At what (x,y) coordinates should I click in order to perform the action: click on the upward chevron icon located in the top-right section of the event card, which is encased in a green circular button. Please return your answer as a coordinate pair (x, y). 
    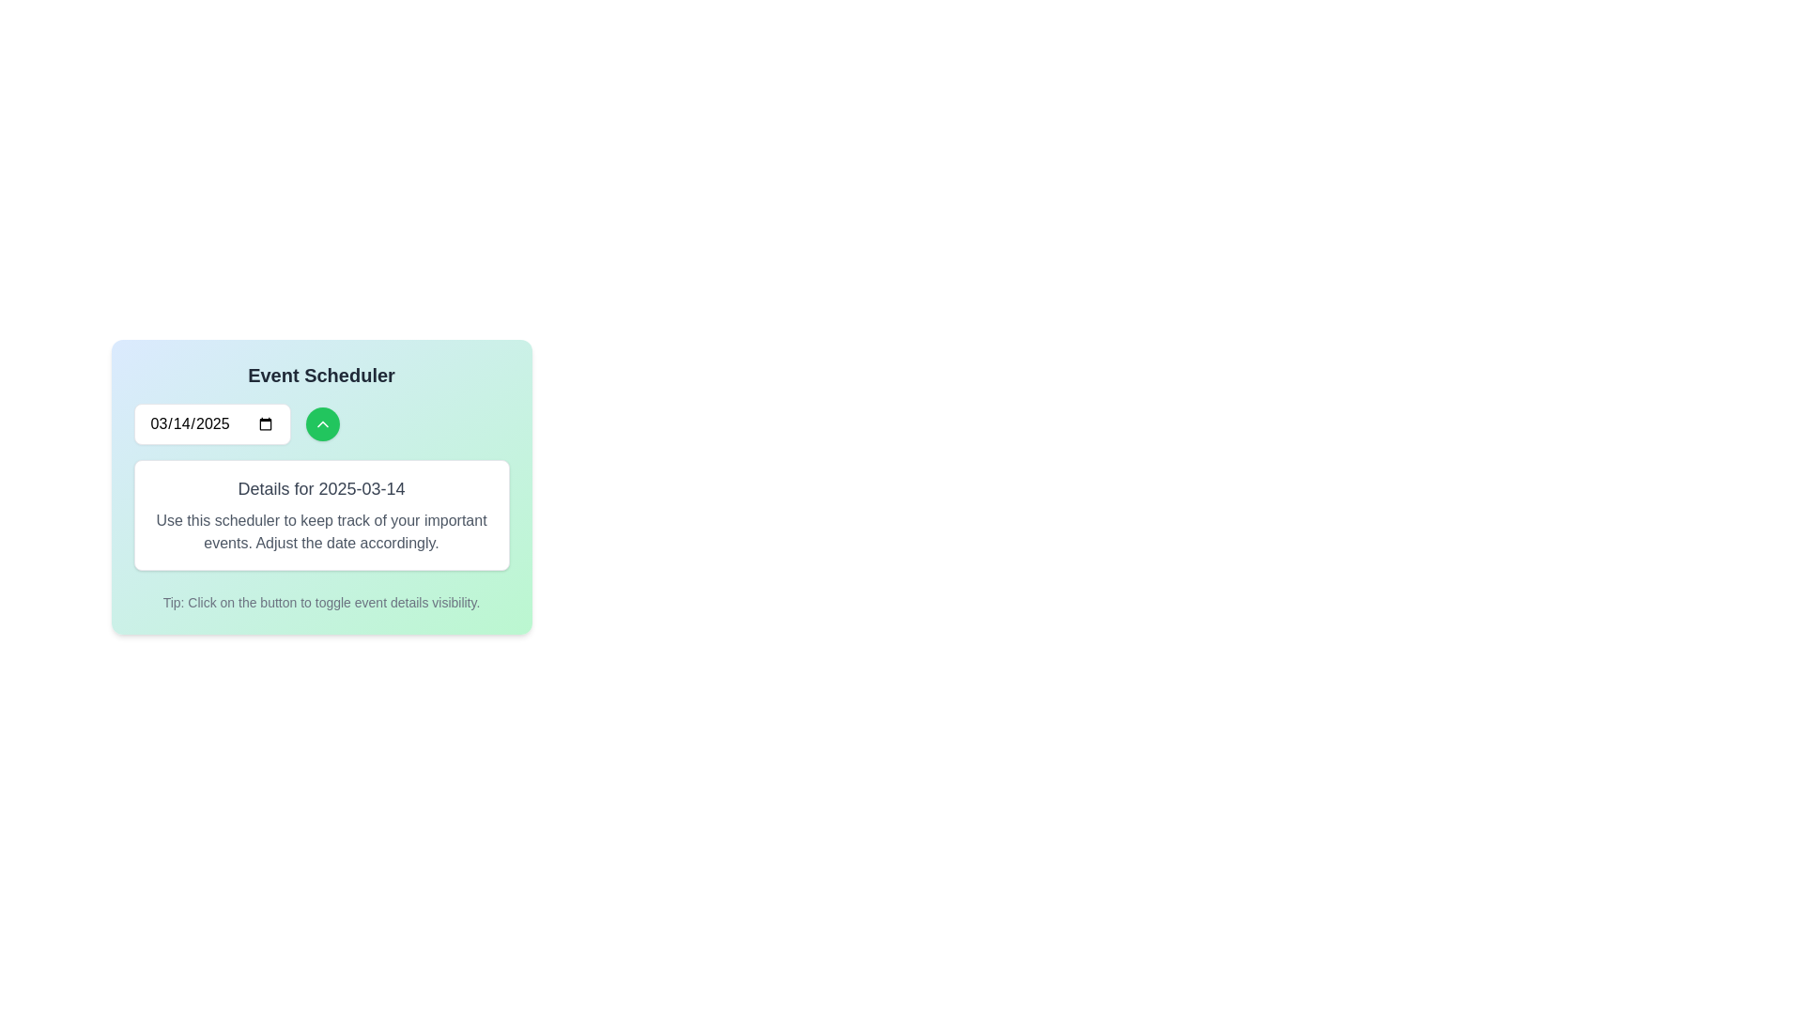
    Looking at the image, I should click on (322, 423).